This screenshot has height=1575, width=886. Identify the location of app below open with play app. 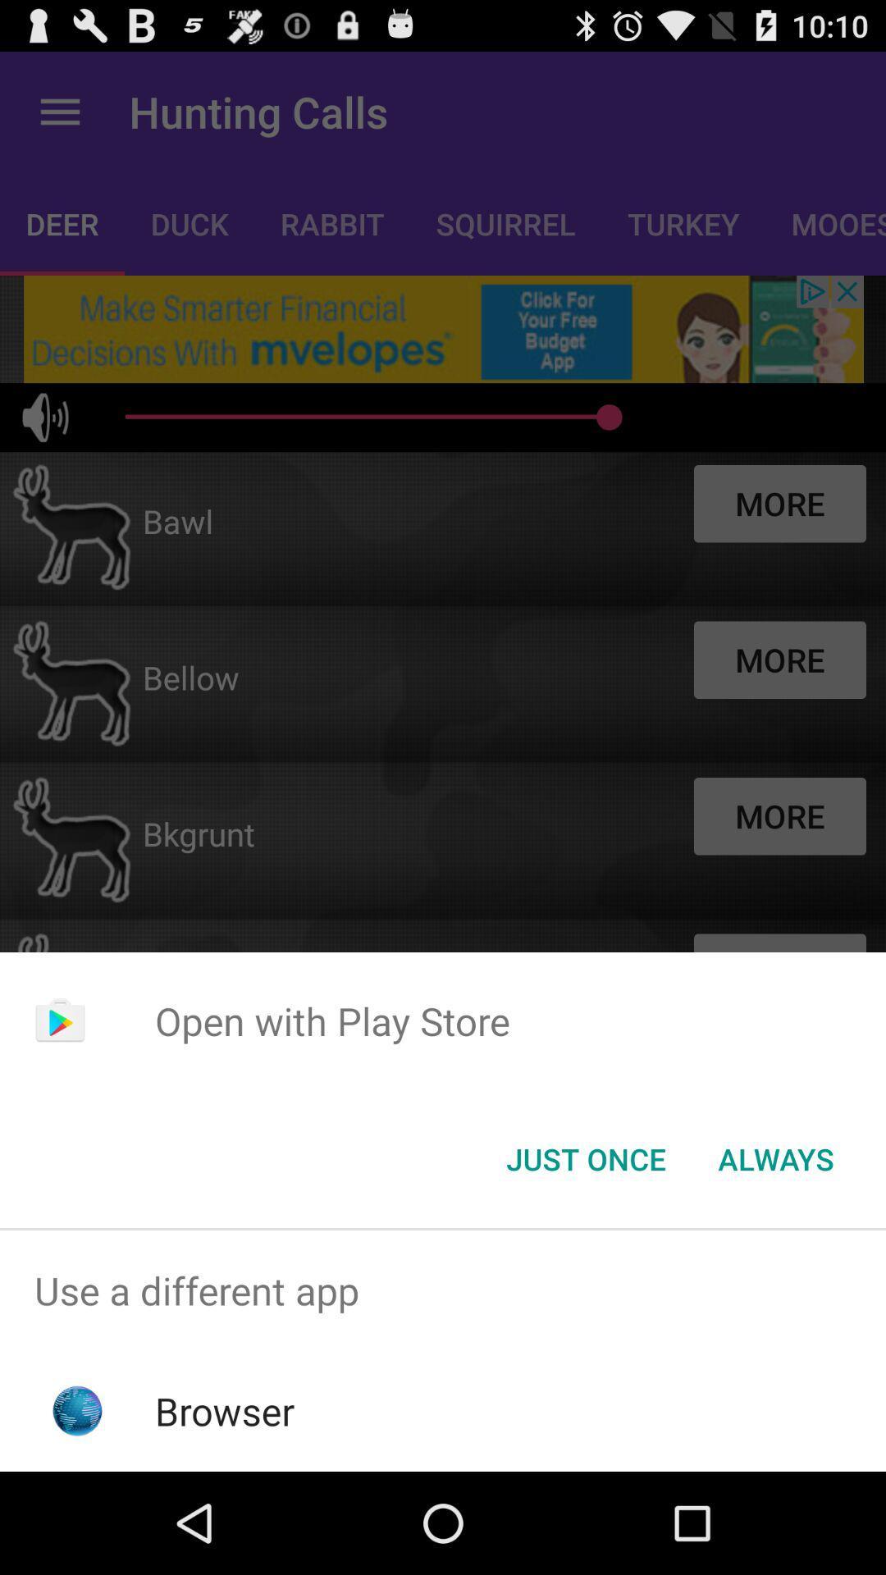
(775, 1157).